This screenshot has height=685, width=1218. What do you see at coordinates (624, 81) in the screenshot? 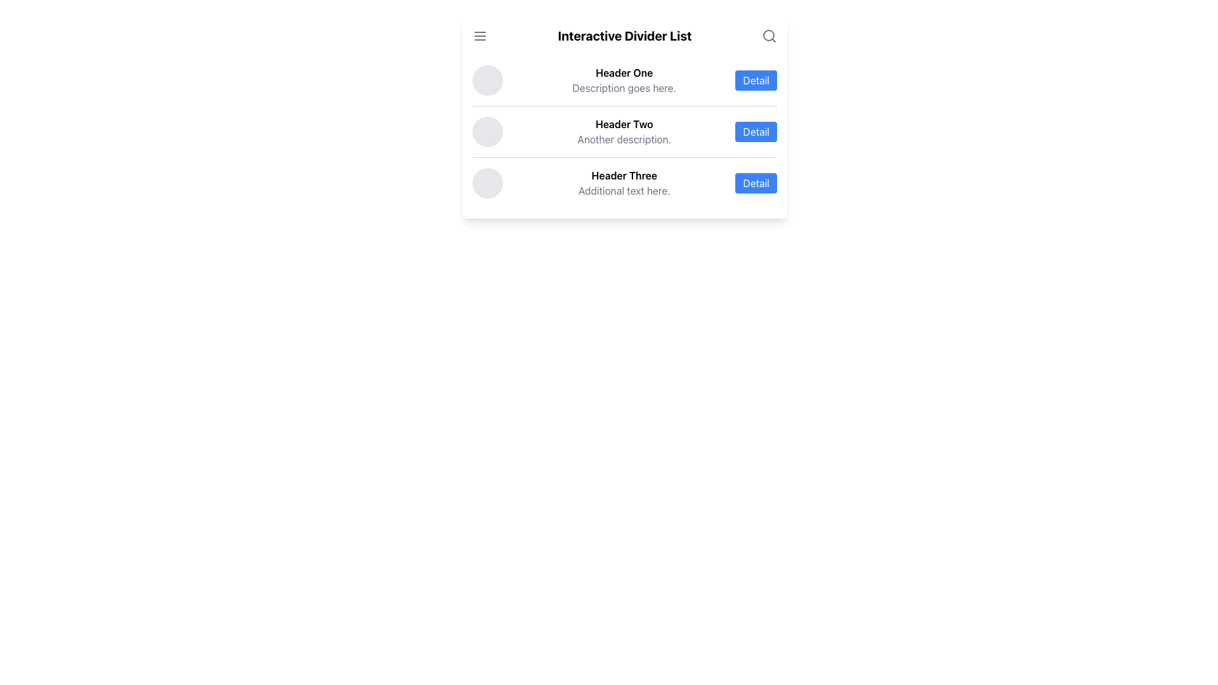
I see `the first list item text that says 'Header One'` at bounding box center [624, 81].